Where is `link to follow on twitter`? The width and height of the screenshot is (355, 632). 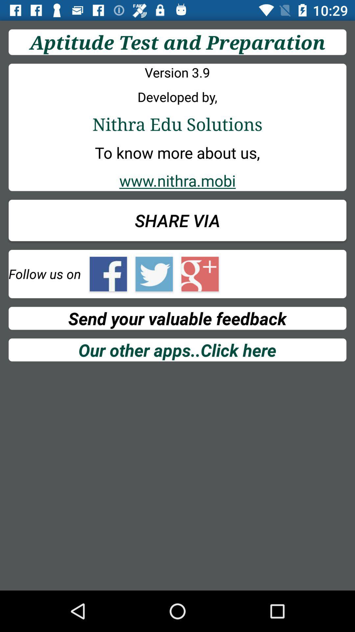 link to follow on twitter is located at coordinates (154, 274).